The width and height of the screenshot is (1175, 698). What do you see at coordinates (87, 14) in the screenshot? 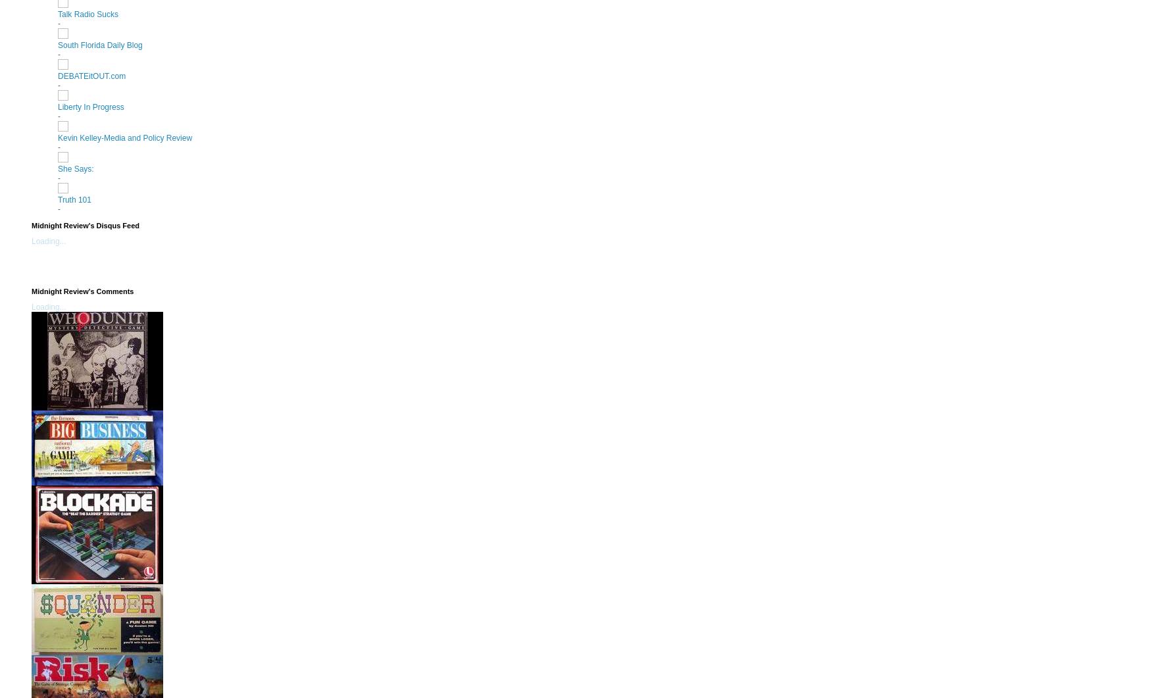
I see `'Talk Radio Sucks'` at bounding box center [87, 14].